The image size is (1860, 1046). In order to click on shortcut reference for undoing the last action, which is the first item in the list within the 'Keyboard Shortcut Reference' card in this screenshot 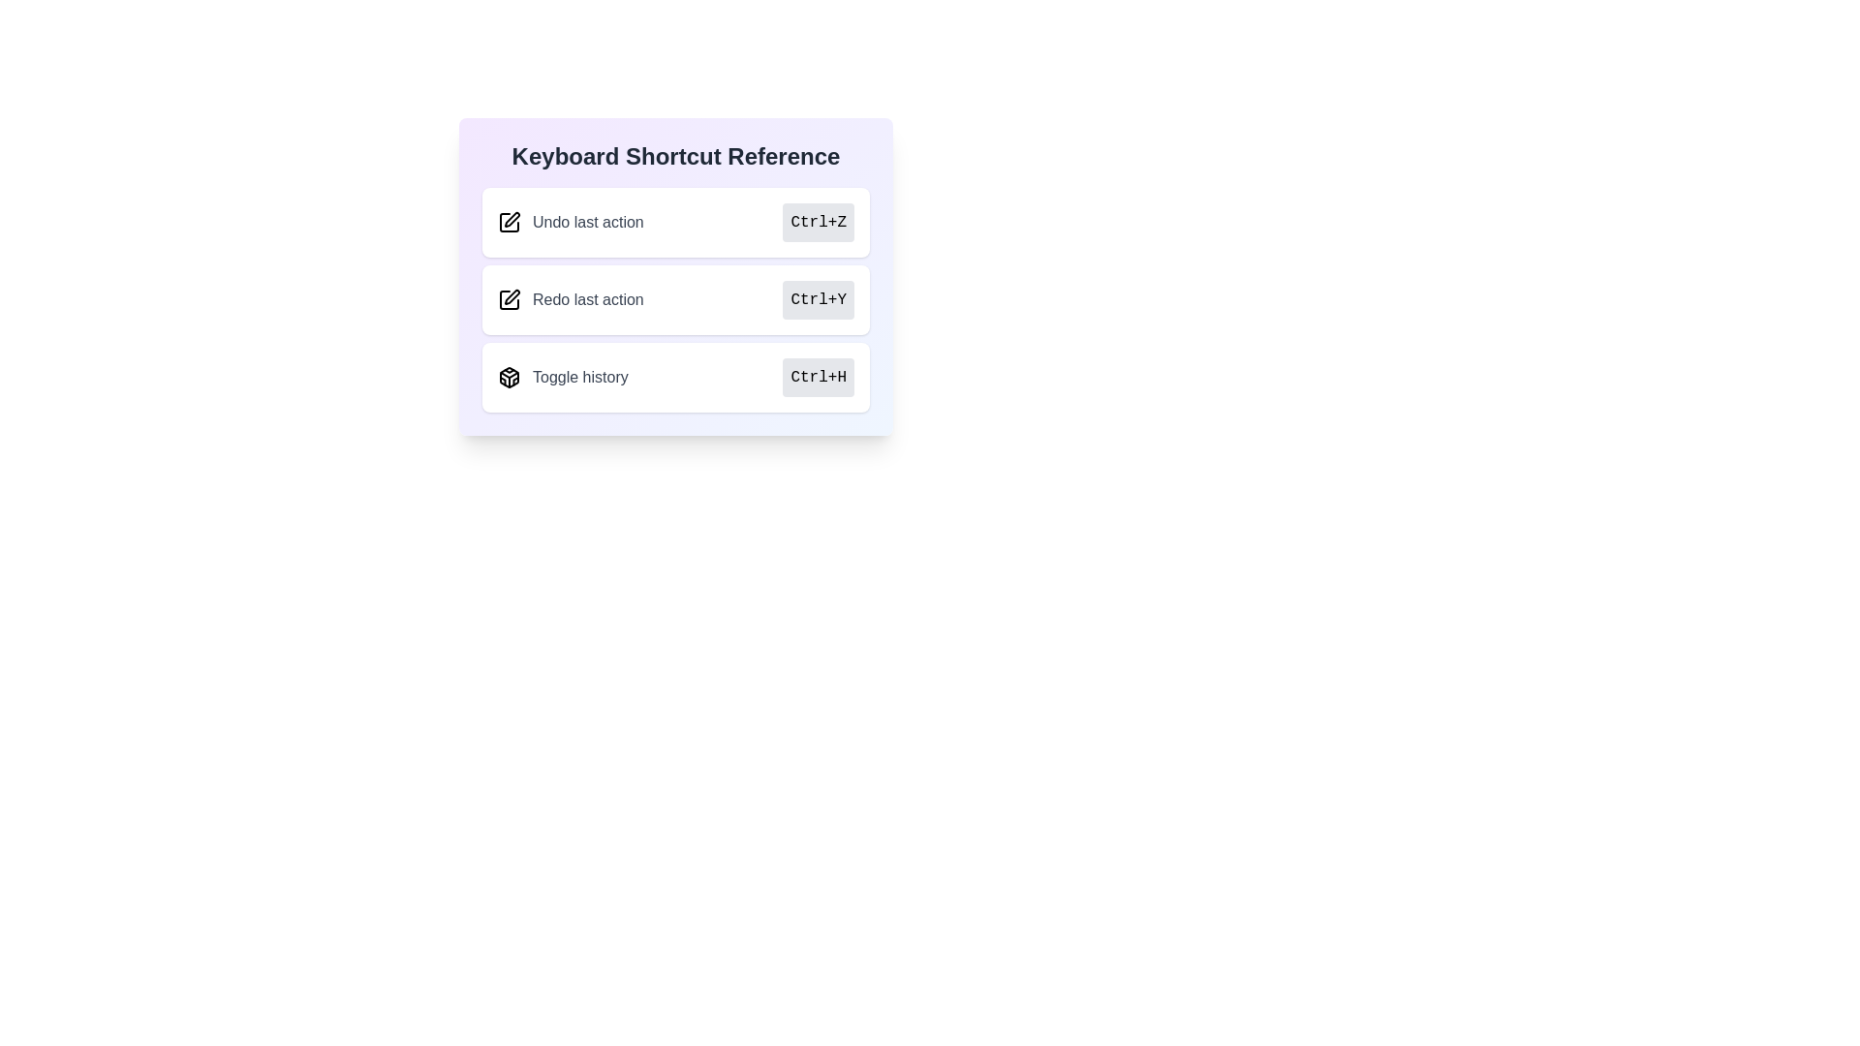, I will do `click(570, 222)`.